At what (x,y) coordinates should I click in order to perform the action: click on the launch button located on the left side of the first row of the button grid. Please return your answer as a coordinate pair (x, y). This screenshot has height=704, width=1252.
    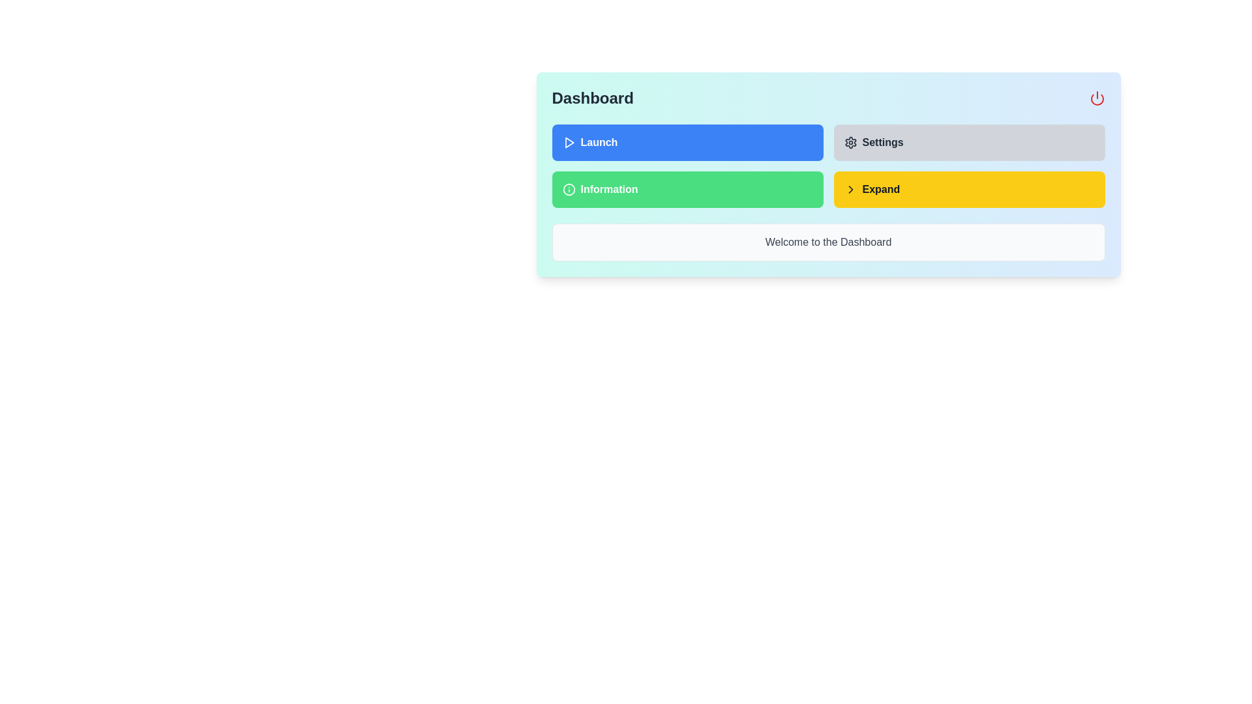
    Looking at the image, I should click on (687, 143).